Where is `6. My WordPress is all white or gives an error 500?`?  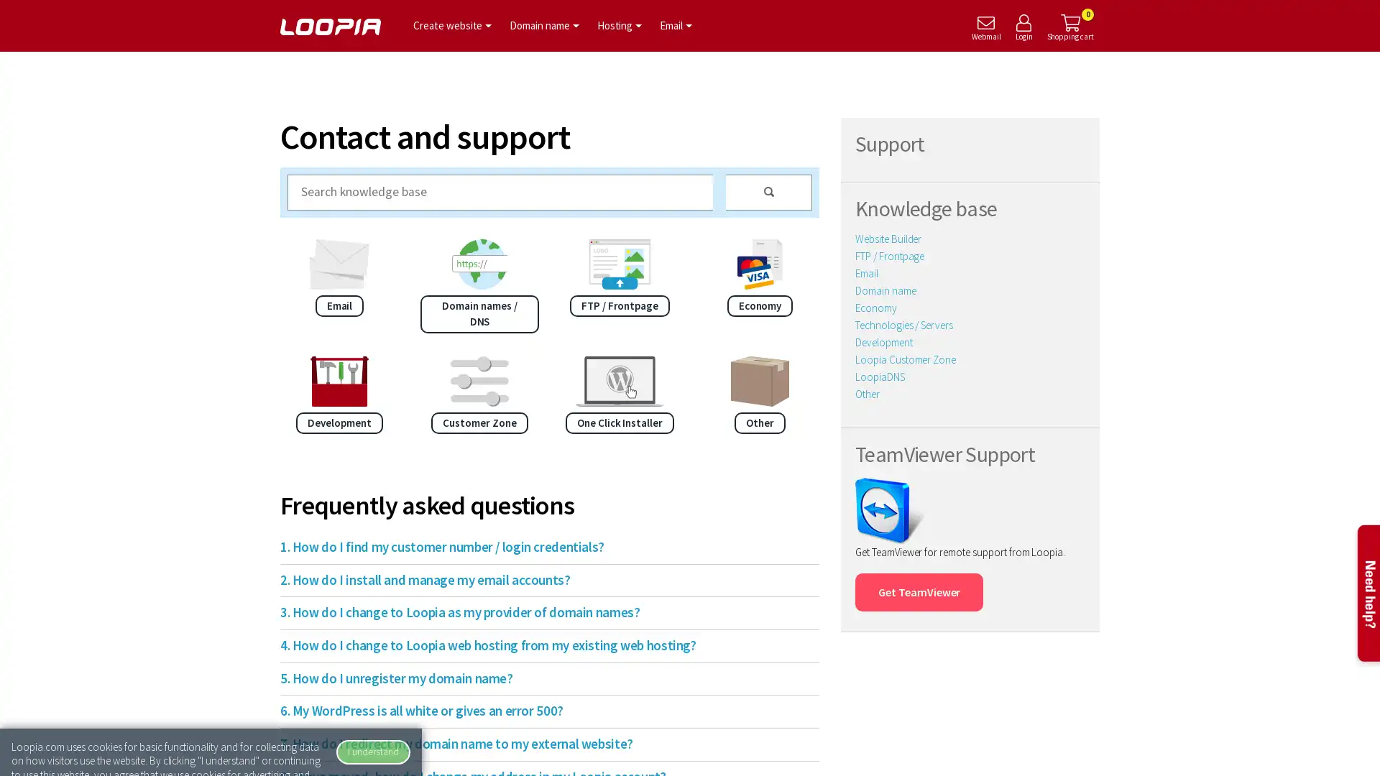 6. My WordPress is all white or gives an error 500? is located at coordinates (541, 711).